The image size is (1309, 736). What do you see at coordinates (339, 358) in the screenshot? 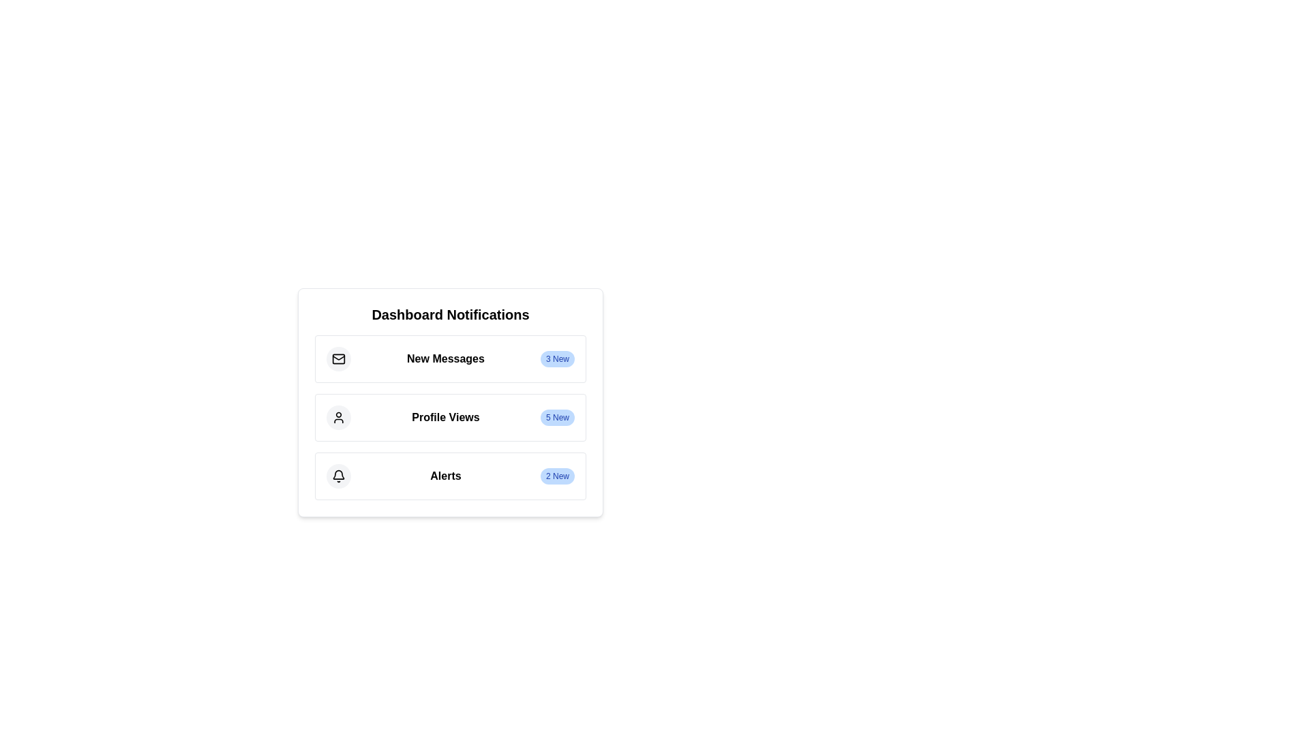
I see `the black outlined envelope icon located in the topmost row of the notification list, next to the text 'New Messages' and opposite the '3 New' badge, to interact with notifications` at bounding box center [339, 358].